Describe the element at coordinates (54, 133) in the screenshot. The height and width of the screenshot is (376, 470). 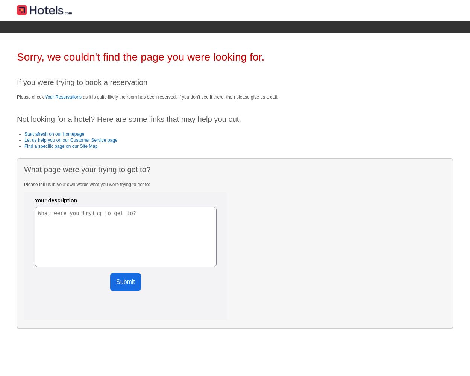
I see `'Start afresh on our homepage'` at that location.